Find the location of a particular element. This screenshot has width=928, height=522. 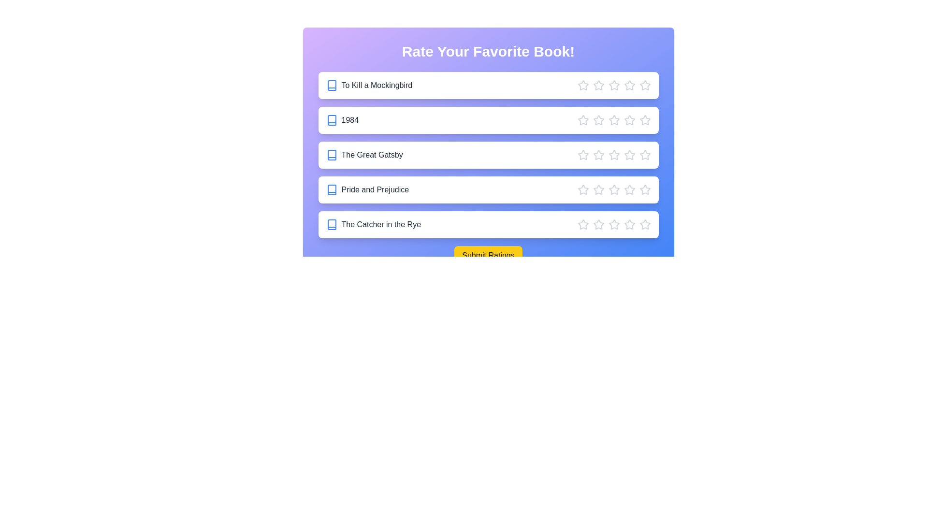

the star corresponding to 1 stars for the book The Great Gatsby is located at coordinates (582, 154).